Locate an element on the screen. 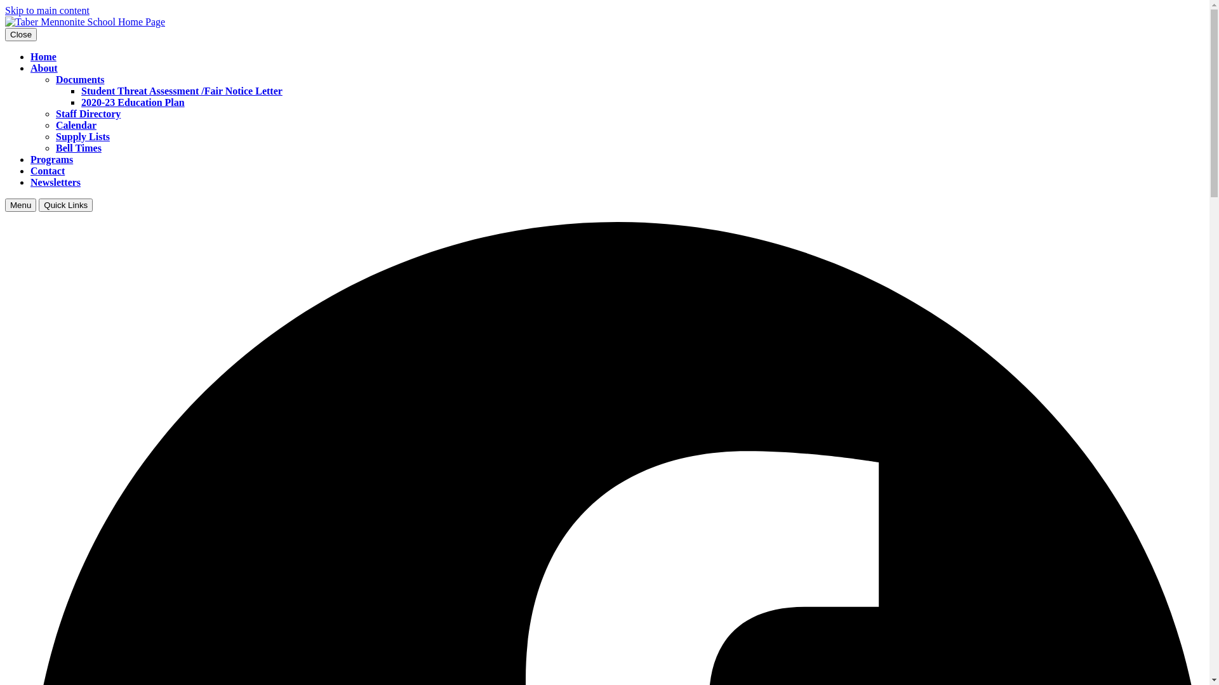  'Programs' is located at coordinates (51, 159).